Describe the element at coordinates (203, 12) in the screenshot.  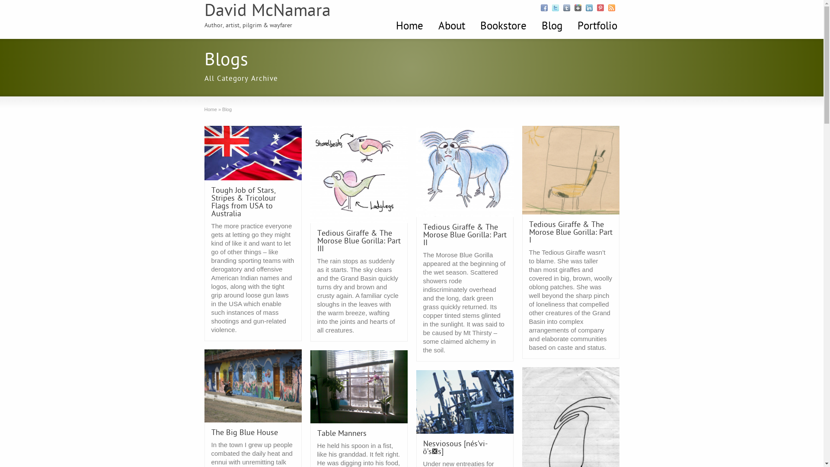
I see `'David McNamara'` at that location.